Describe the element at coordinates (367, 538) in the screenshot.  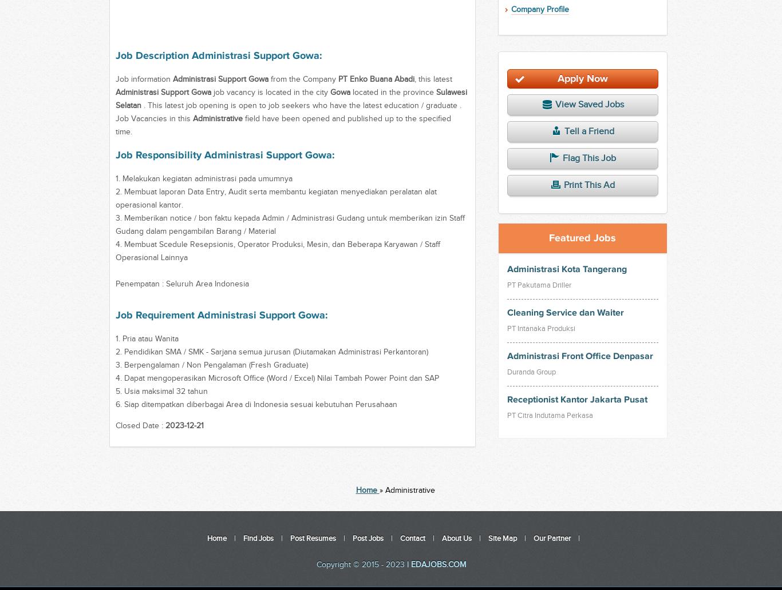
I see `'Post Jobs'` at that location.